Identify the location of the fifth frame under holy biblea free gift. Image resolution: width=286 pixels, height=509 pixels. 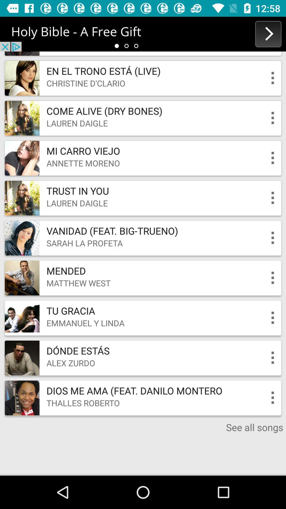
(143, 238).